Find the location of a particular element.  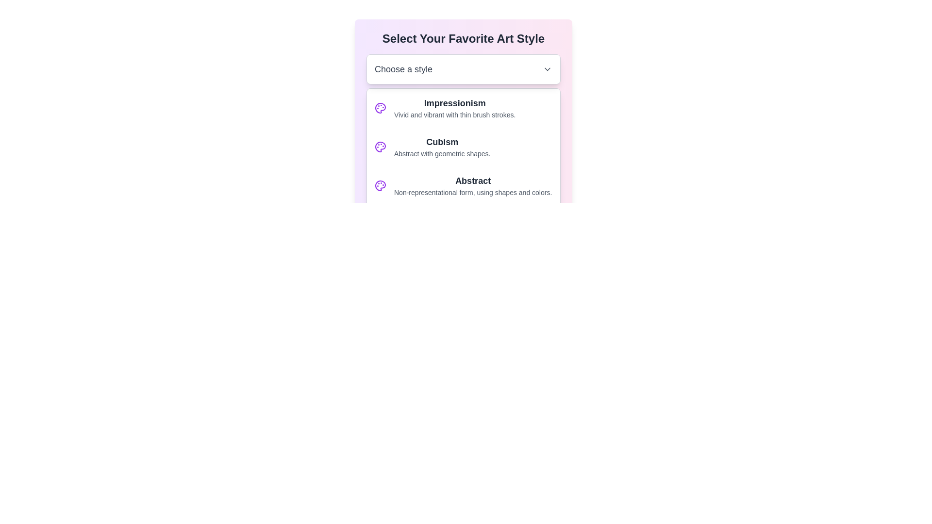

the painter's palette icon, which is the first element in the second item of the 'Select Your Favorite Art Style' list, located to the left of the 'Cubism' style text is located at coordinates (380, 147).